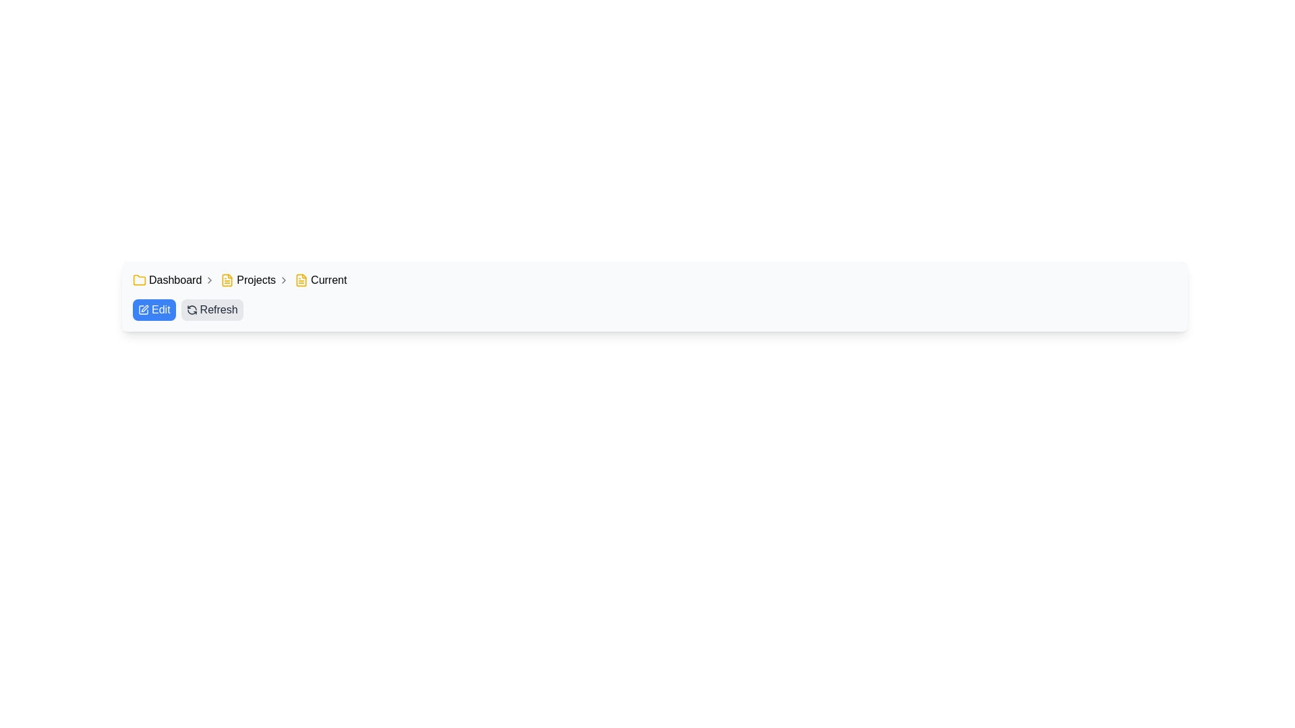 Image resolution: width=1295 pixels, height=728 pixels. I want to click on the small square-shaped icon with a pen and square illustration located within the 'Edit' button, which is part of a group of buttons at the bottom-left of the interface, so click(143, 309).